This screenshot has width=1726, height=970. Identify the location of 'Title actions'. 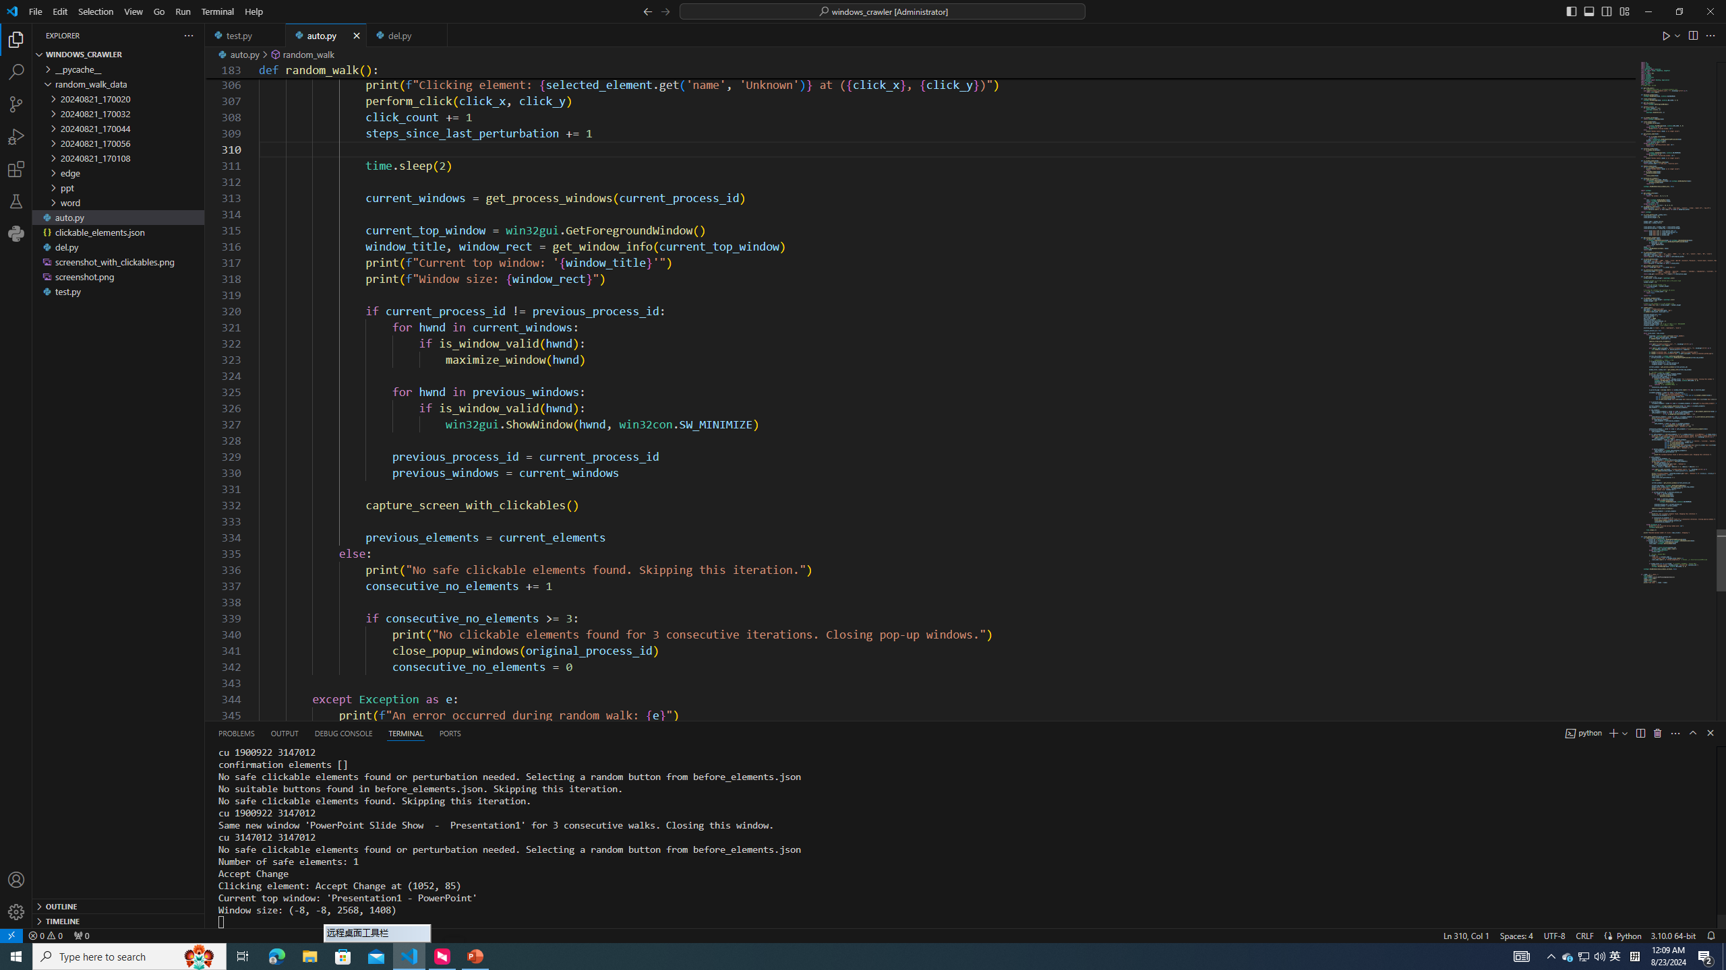
(1597, 11).